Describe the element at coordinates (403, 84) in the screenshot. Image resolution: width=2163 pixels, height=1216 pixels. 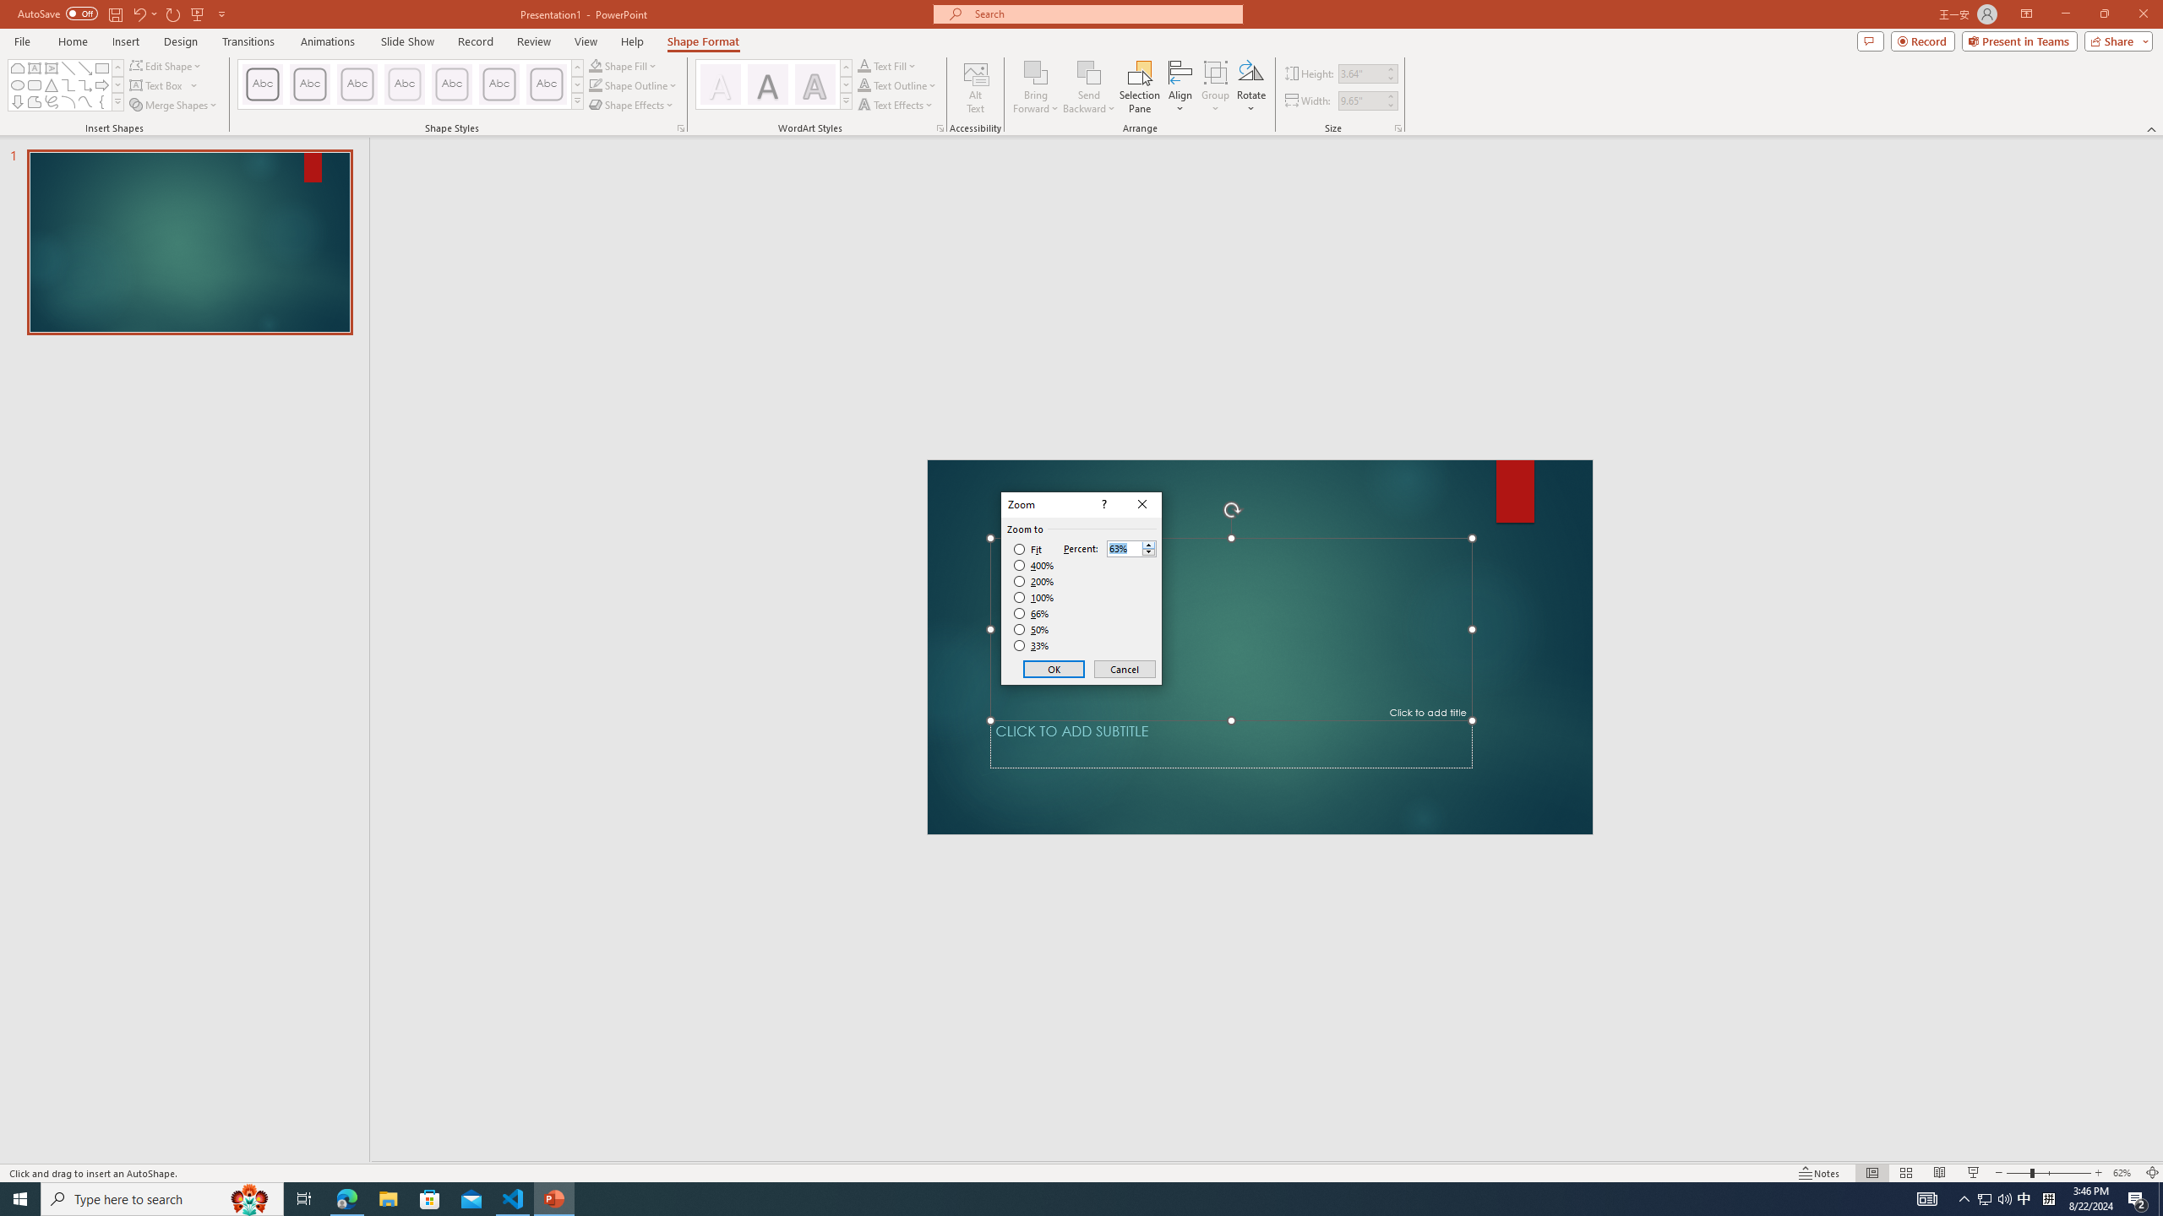
I see `'Colored Outline - Gold, Accent 3'` at that location.